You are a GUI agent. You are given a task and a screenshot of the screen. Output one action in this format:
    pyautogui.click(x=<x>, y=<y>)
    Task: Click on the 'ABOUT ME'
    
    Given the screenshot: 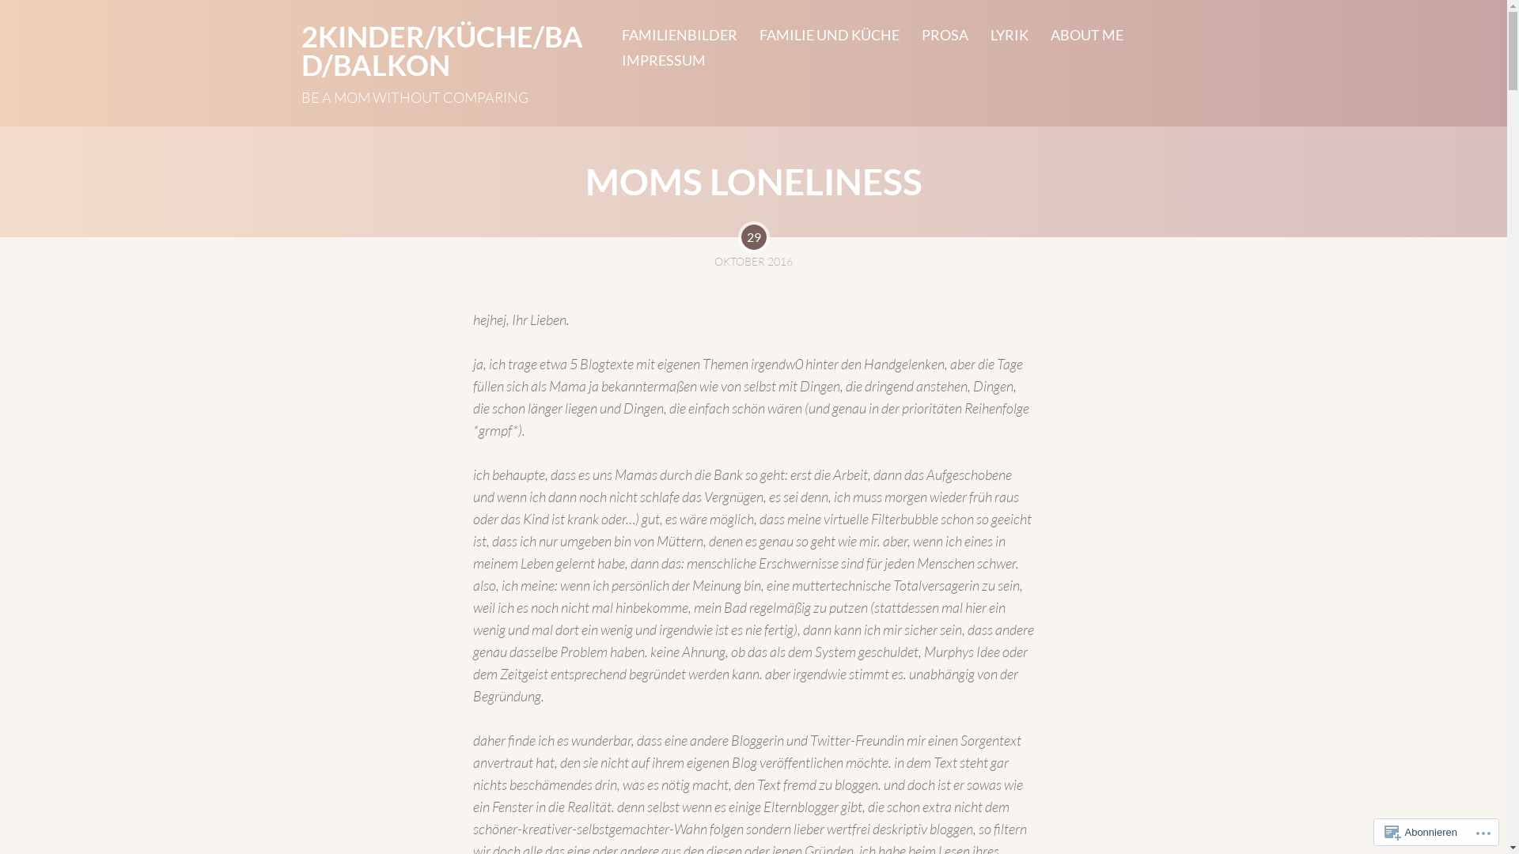 What is the action you would take?
    pyautogui.click(x=1075, y=34)
    